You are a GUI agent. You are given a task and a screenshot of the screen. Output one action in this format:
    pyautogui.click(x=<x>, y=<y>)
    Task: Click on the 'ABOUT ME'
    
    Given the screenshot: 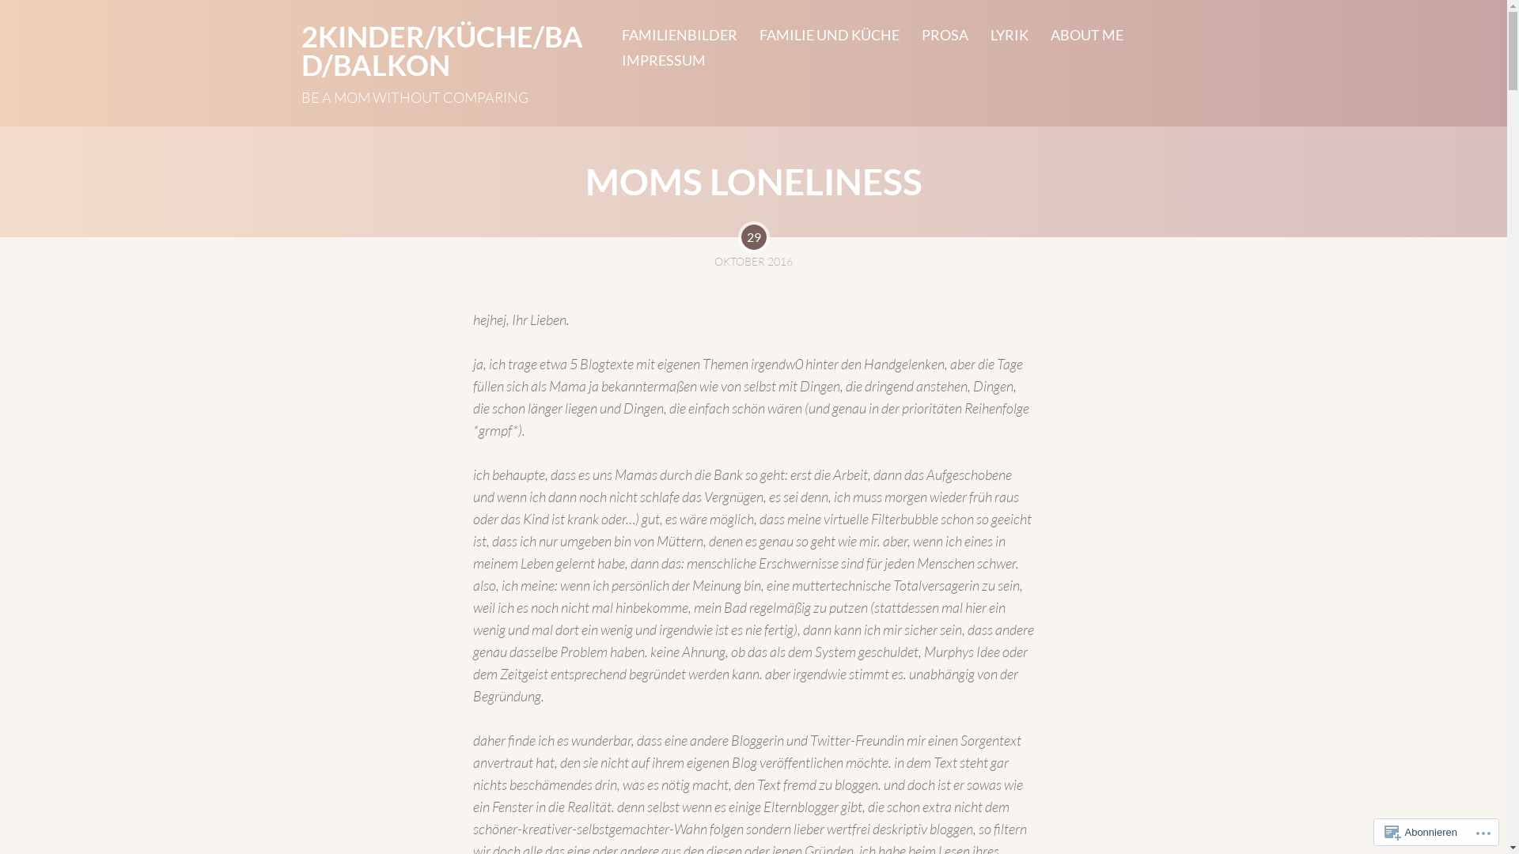 What is the action you would take?
    pyautogui.click(x=1075, y=34)
    